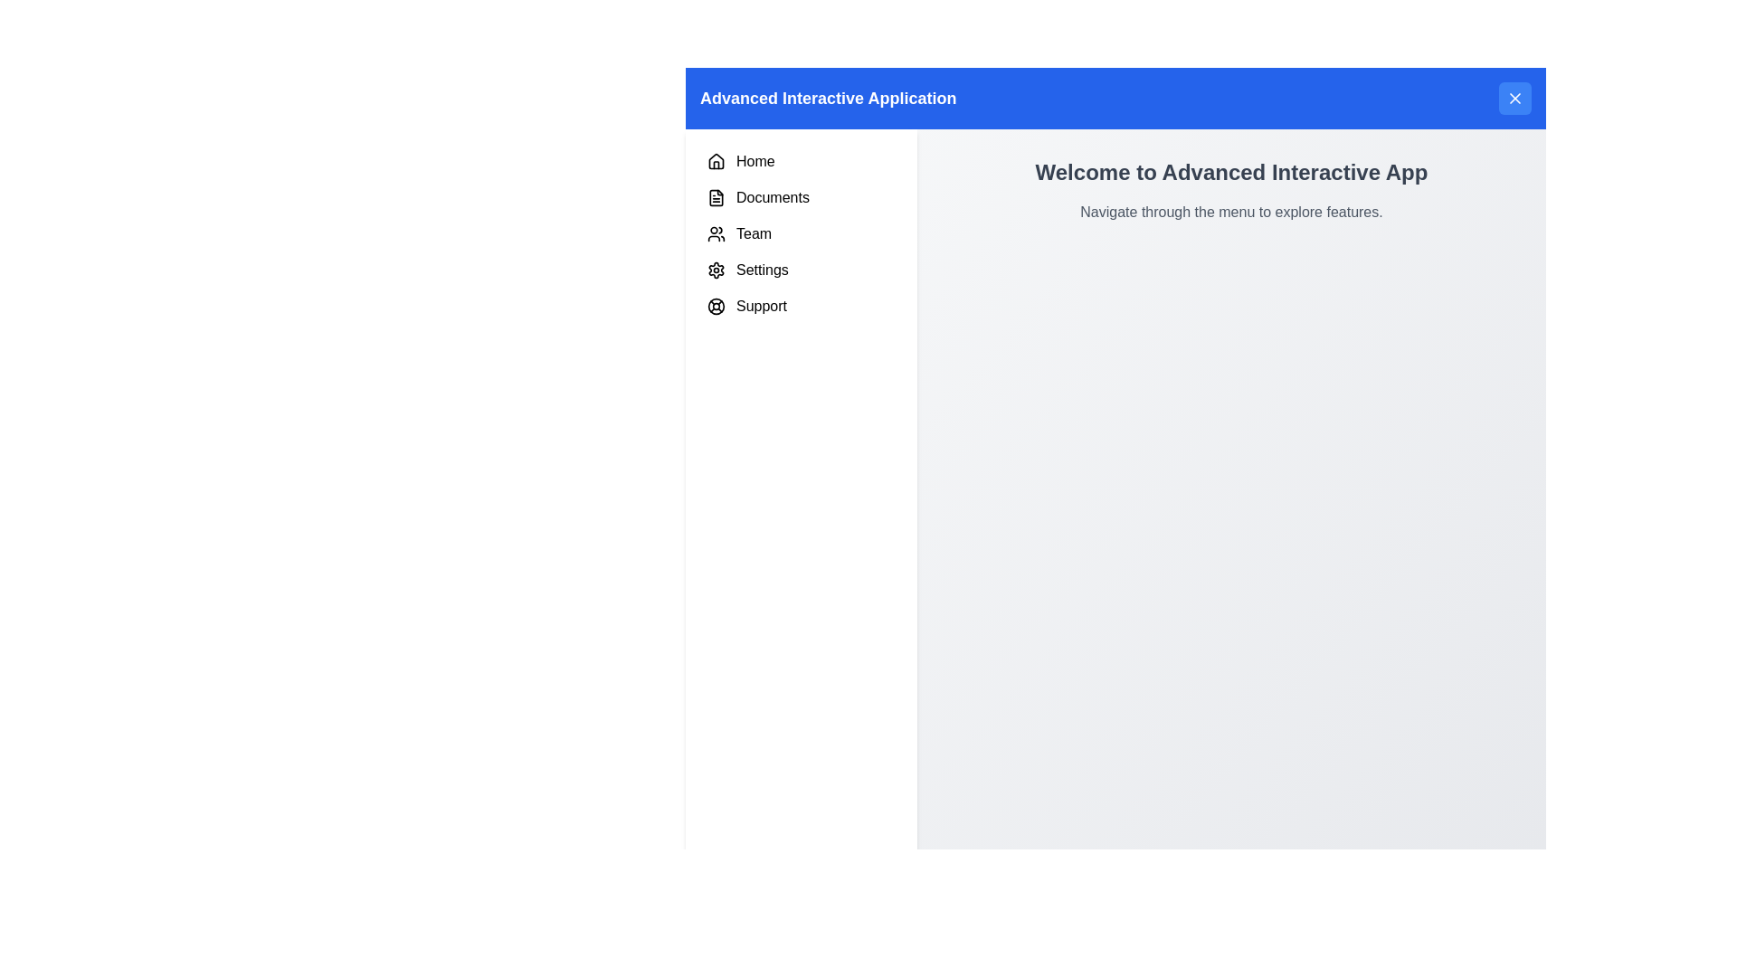 Image resolution: width=1737 pixels, height=977 pixels. Describe the element at coordinates (754, 232) in the screenshot. I see `the 'Team' text label in the left-side menu` at that location.